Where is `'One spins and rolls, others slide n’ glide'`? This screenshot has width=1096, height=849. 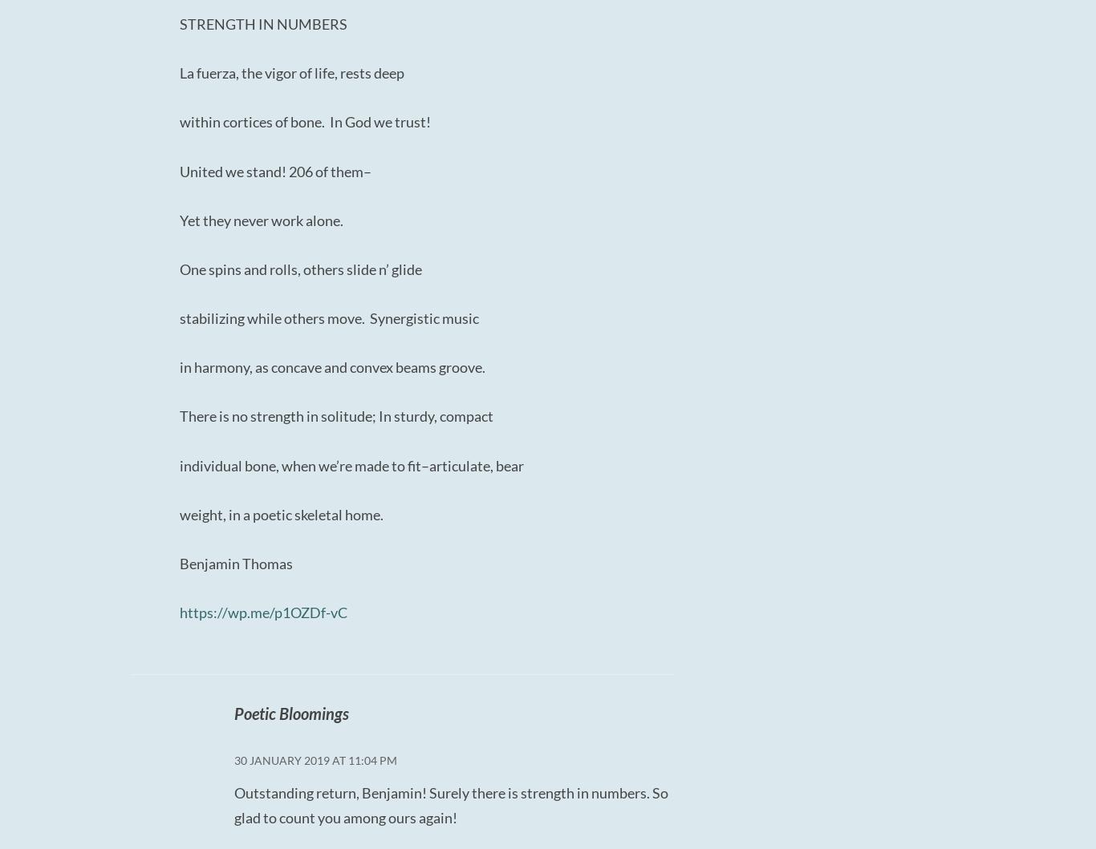
'One spins and rolls, others slide n’ glide' is located at coordinates (299, 267).